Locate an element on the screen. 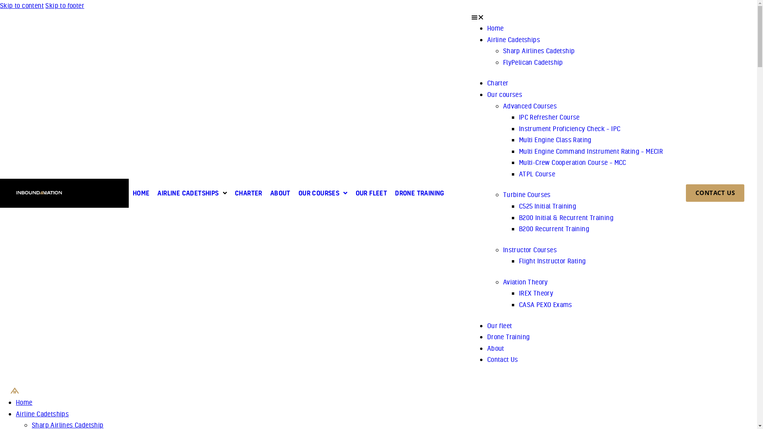  'CASA PEXO Exams' is located at coordinates (519, 304).